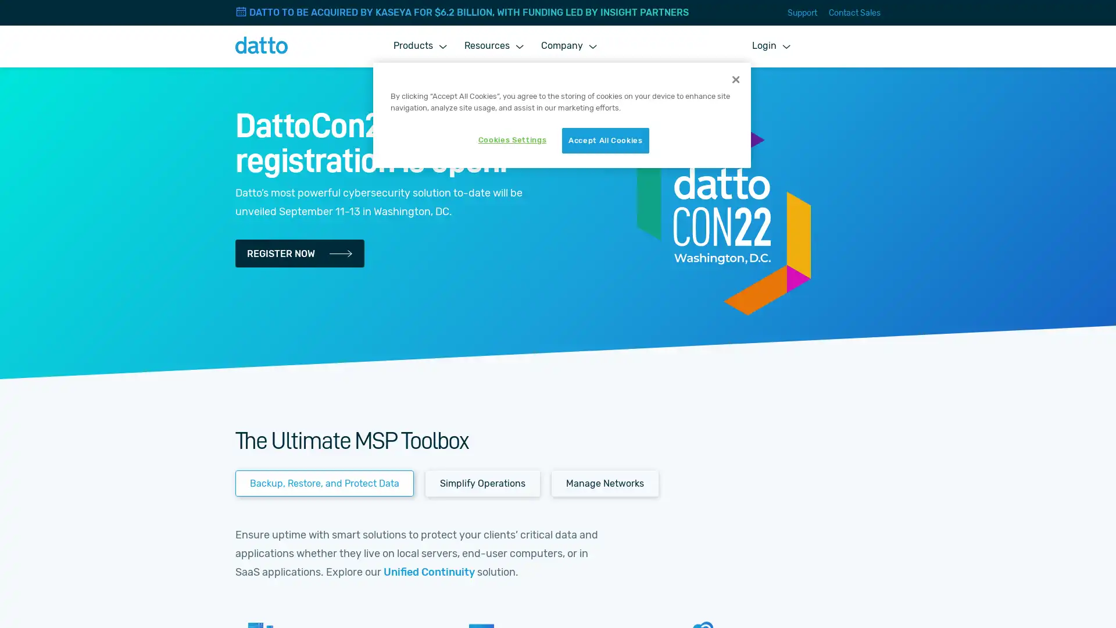  Describe the element at coordinates (483, 45) in the screenshot. I see `Resources` at that location.